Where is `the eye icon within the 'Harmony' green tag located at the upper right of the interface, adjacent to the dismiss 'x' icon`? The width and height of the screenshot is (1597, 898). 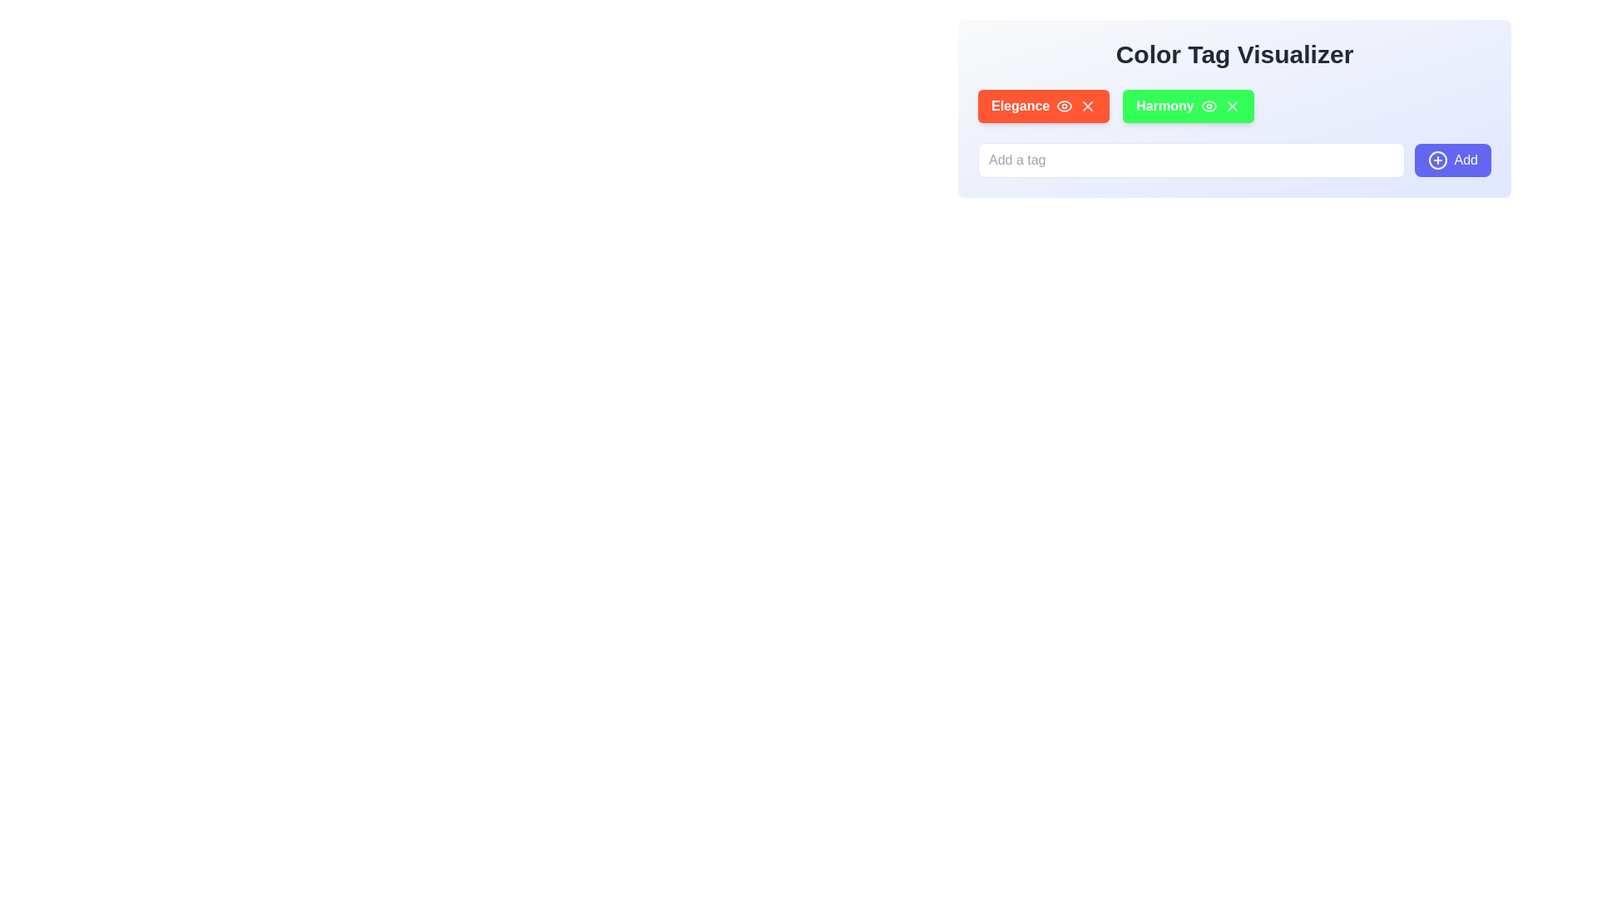 the eye icon within the 'Harmony' green tag located at the upper right of the interface, adjacent to the dismiss 'x' icon is located at coordinates (1209, 106).